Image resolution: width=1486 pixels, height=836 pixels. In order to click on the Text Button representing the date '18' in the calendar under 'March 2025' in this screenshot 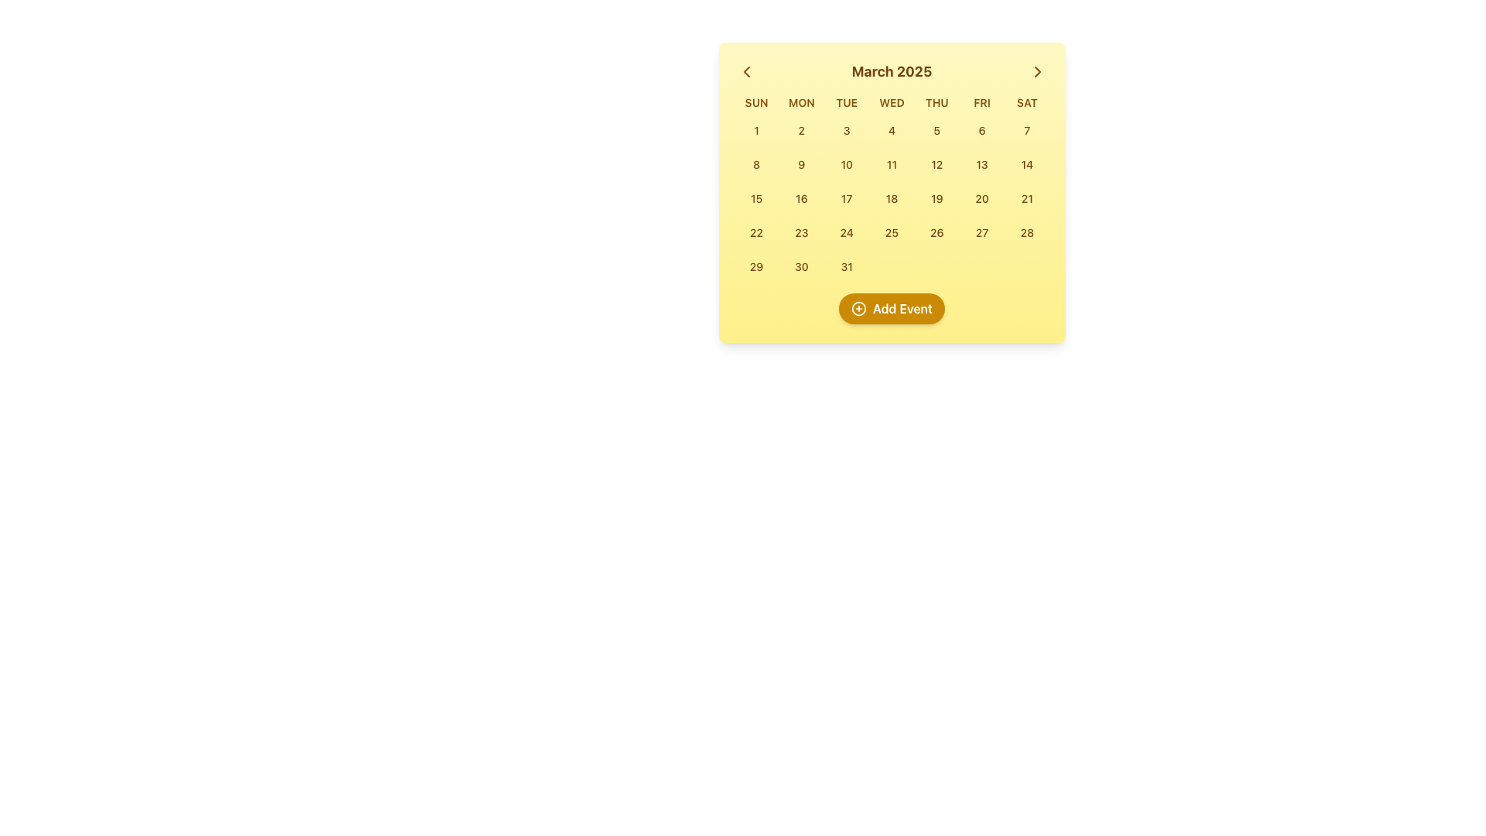, I will do `click(892, 198)`.